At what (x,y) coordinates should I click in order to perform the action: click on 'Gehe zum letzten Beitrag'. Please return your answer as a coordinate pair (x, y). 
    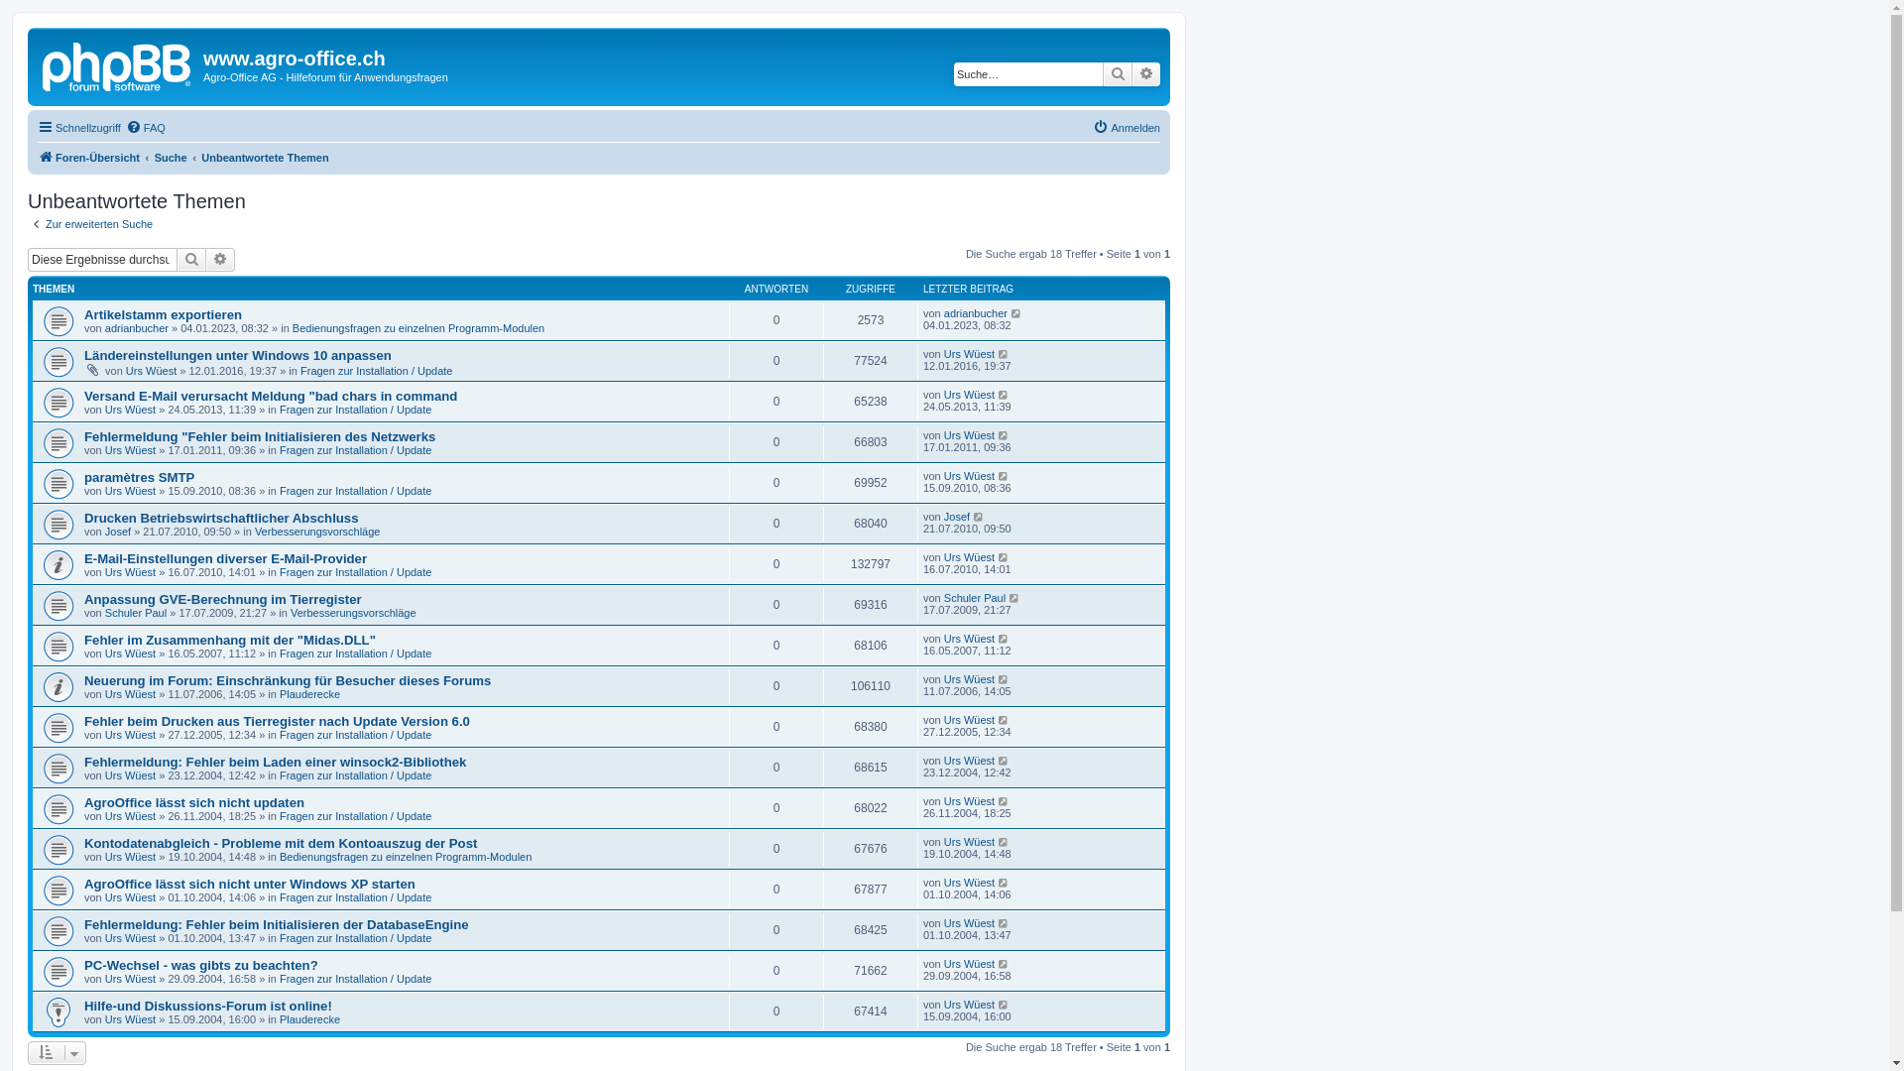
    Looking at the image, I should click on (1004, 799).